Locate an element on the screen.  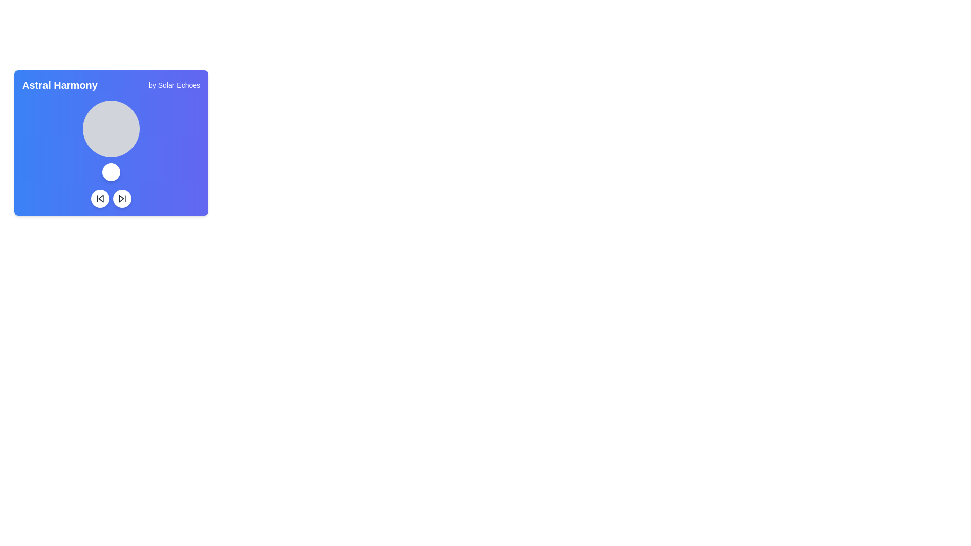
the bolded text label reading 'Astral Harmony', which is prominently positioned on the left at the top of a card-like structure with a gradient background is located at coordinates (59, 85).